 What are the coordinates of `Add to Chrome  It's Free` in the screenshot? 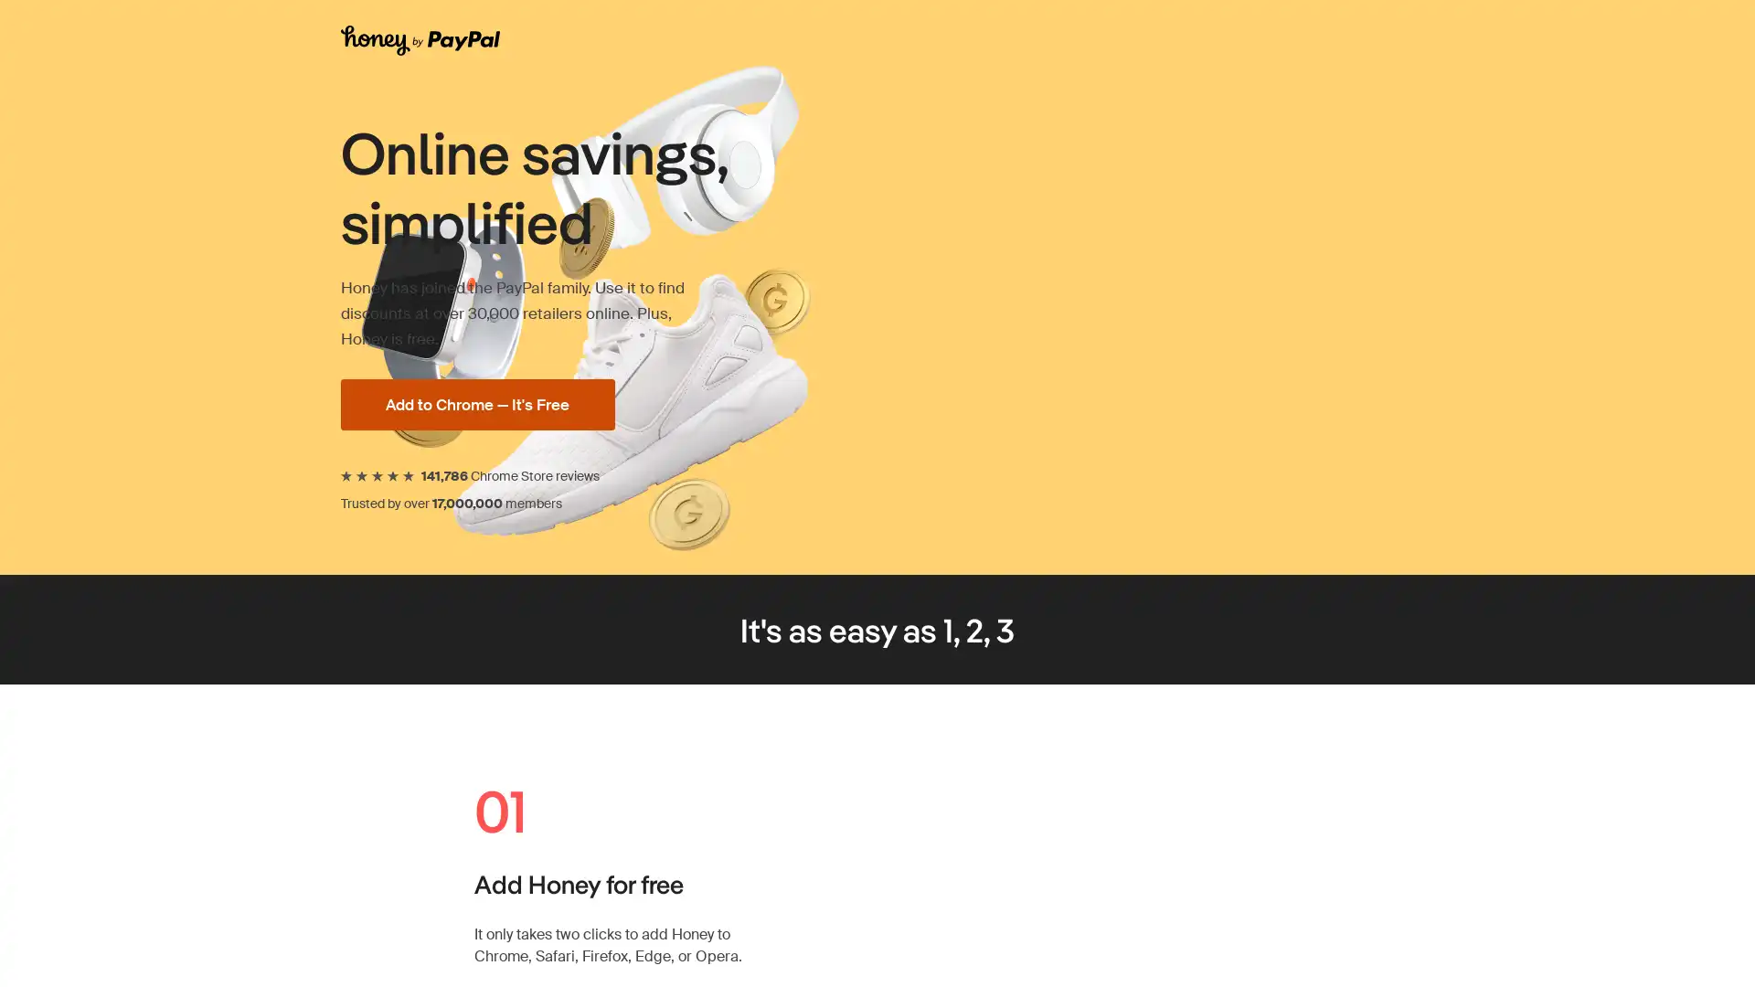 It's located at (544, 404).